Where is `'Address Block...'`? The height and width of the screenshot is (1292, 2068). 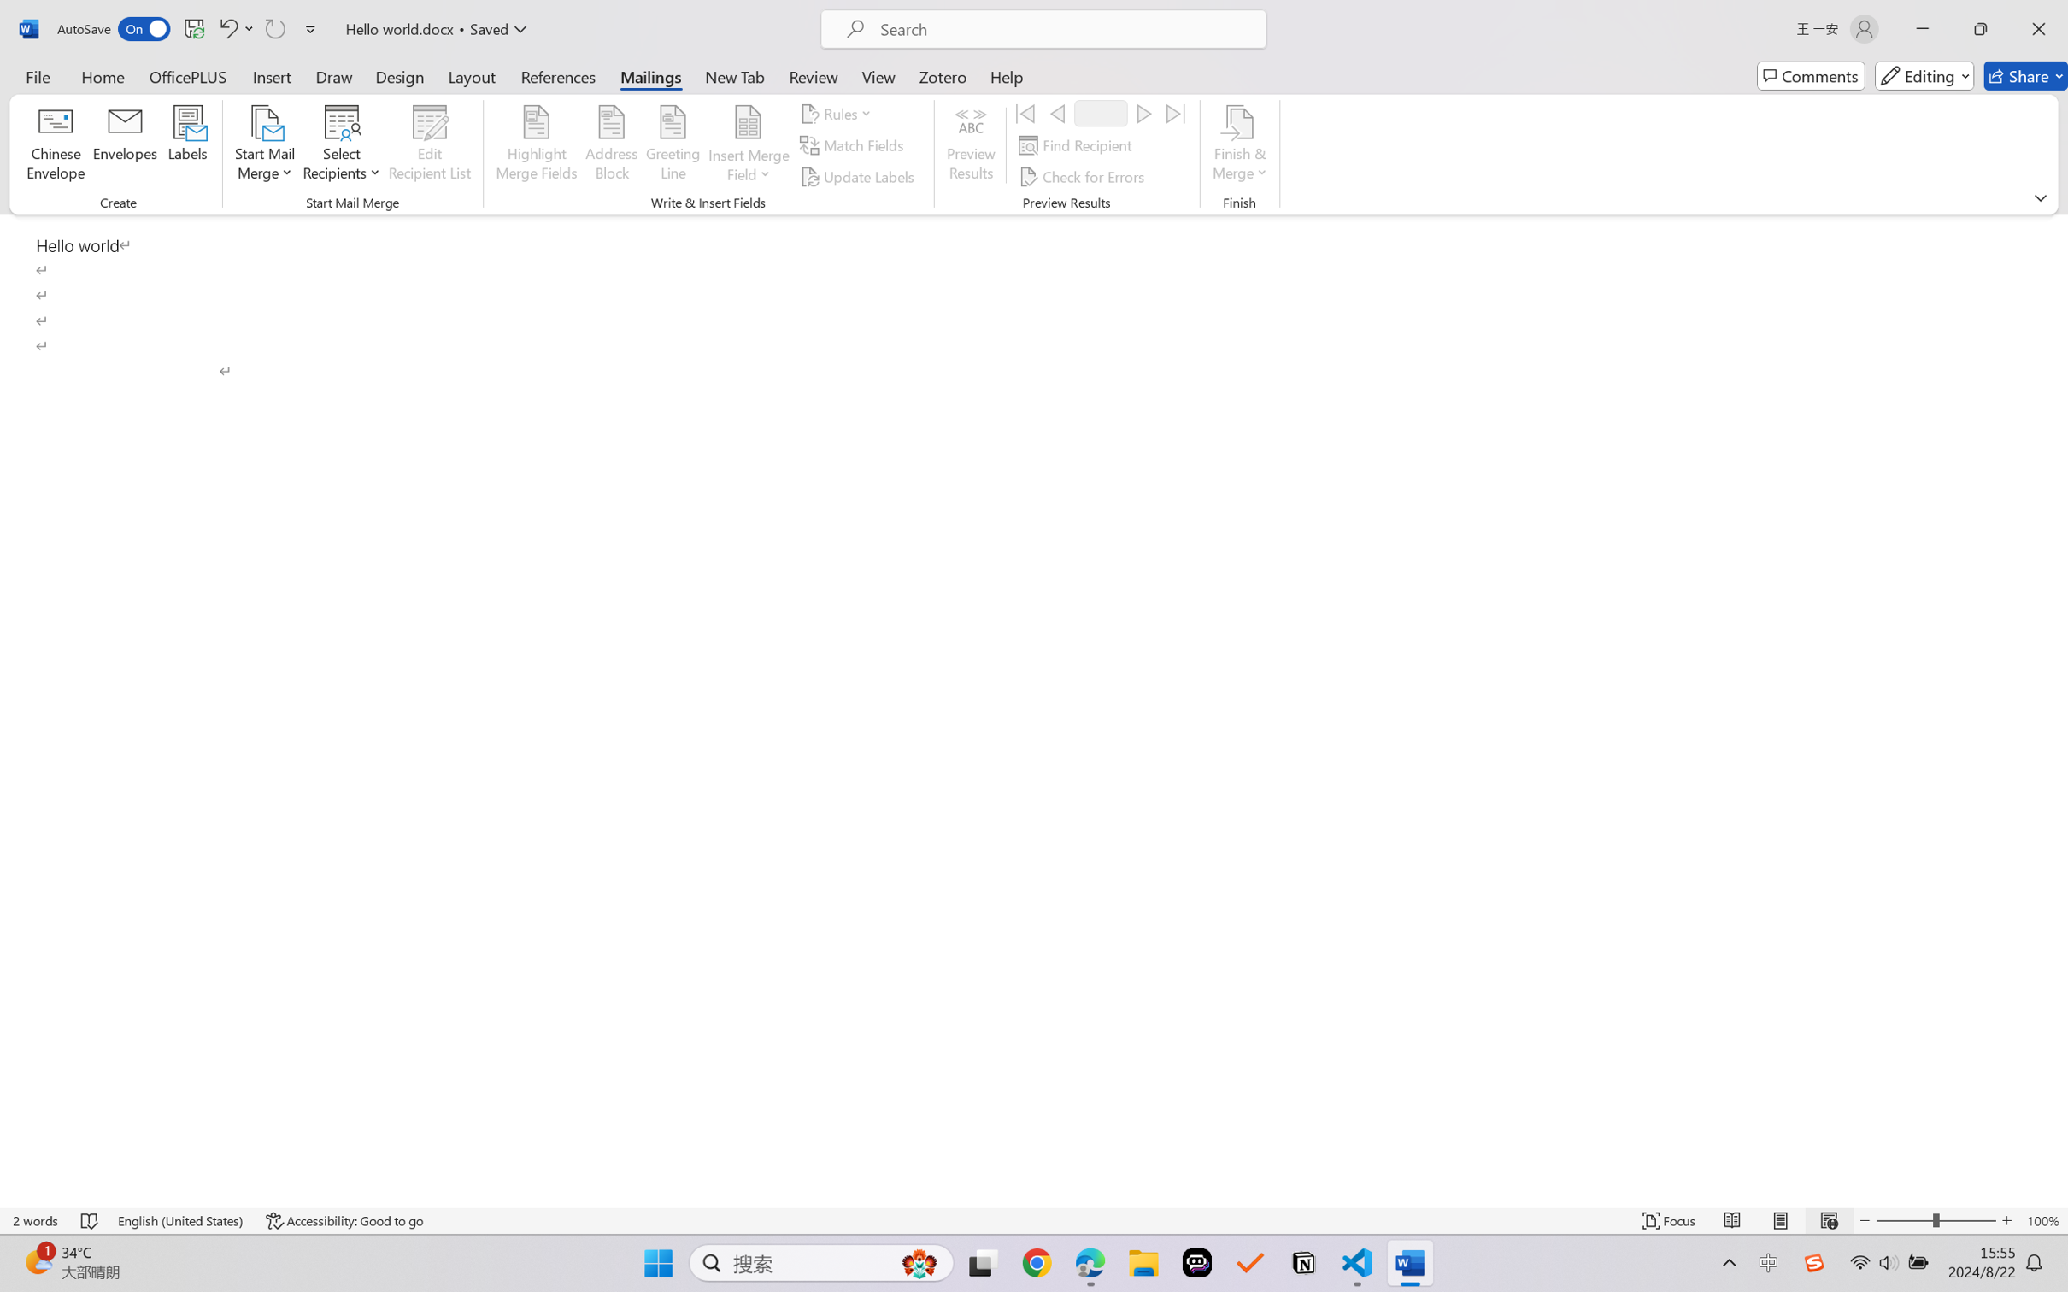 'Address Block...' is located at coordinates (612, 145).